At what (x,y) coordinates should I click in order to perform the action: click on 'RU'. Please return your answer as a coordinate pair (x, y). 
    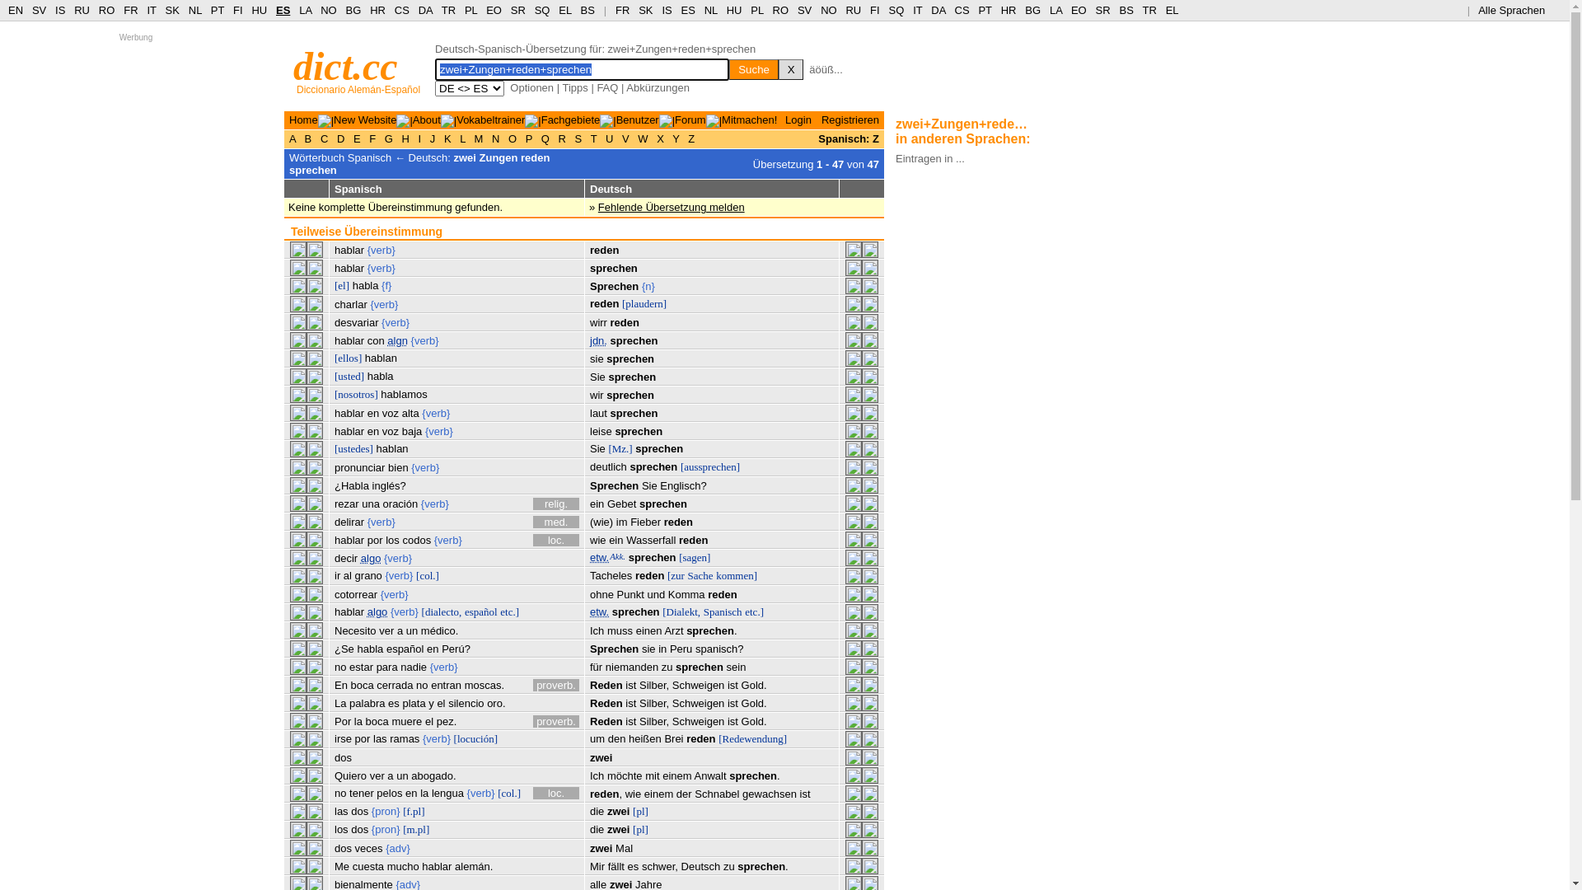
    Looking at the image, I should click on (853, 10).